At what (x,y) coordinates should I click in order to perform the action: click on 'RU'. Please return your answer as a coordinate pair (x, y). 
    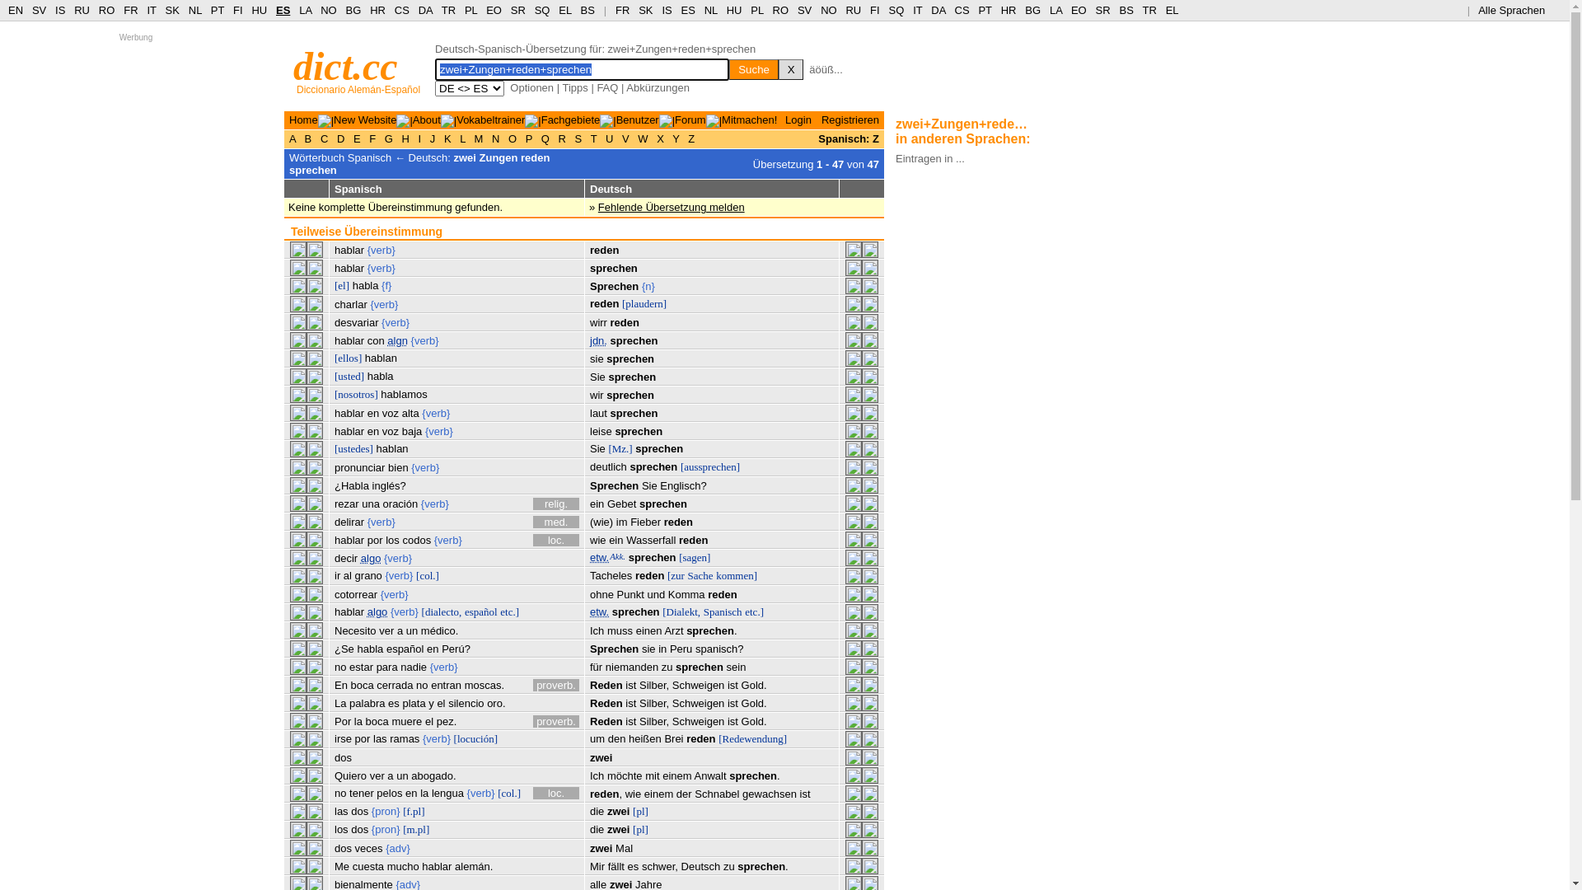
    Looking at the image, I should click on (853, 10).